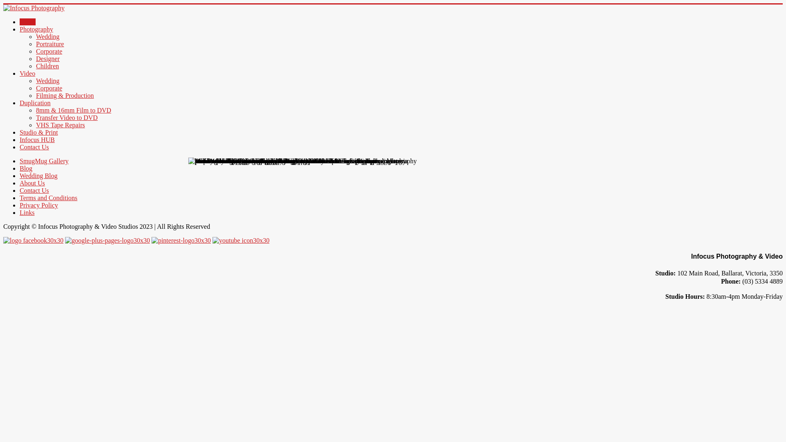  Describe the element at coordinates (37, 139) in the screenshot. I see `'Infocus HUB'` at that location.